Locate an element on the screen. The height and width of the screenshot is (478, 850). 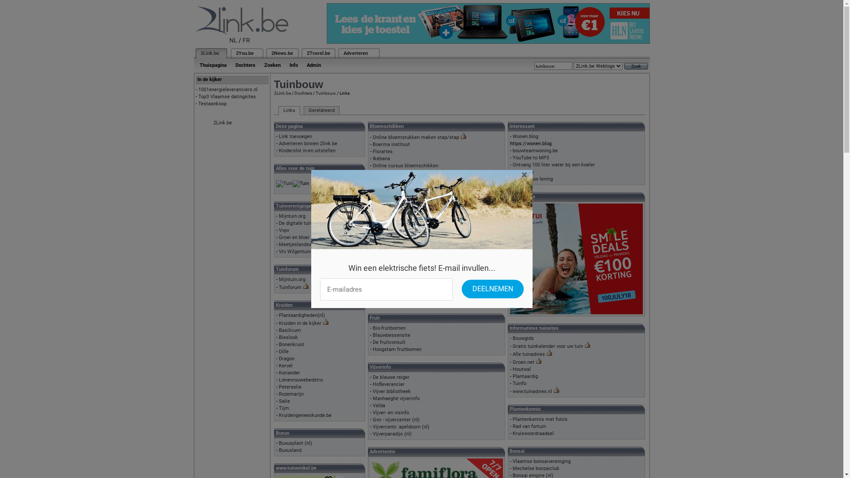
'Manhaeghe vijverinfo' is located at coordinates (395, 398).